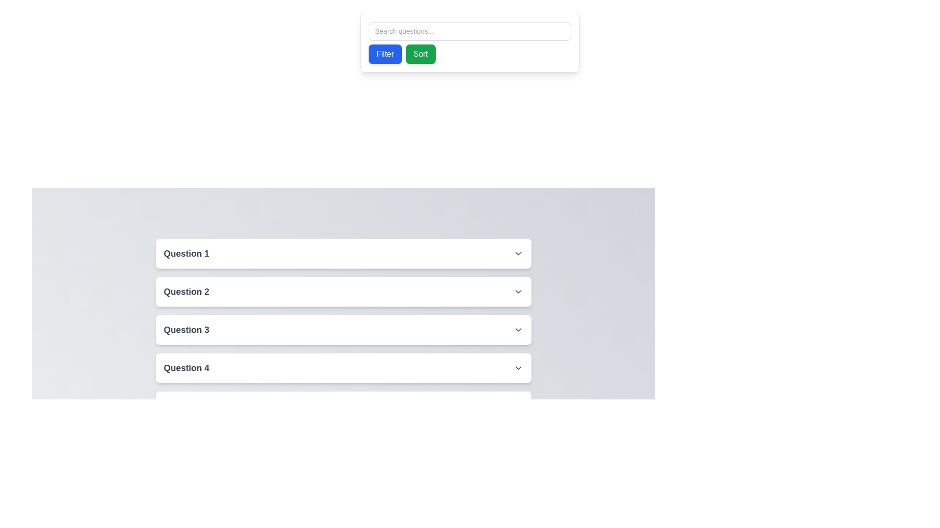 The image size is (940, 528). What do you see at coordinates (517, 330) in the screenshot?
I see `the downward-facing chevron icon located to the right of 'Question 3'` at bounding box center [517, 330].